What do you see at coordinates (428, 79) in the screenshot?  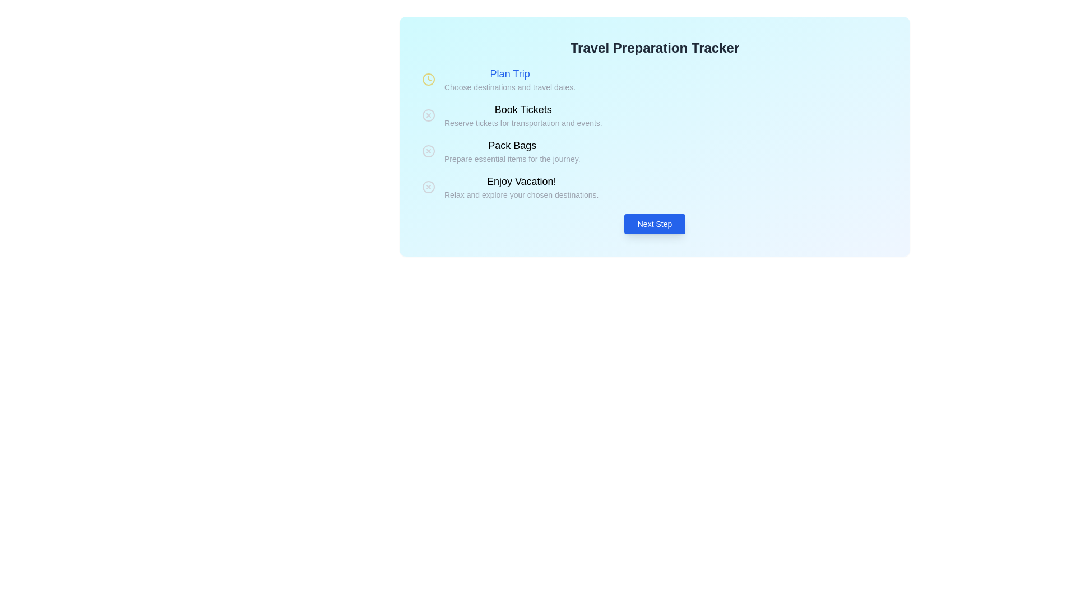 I see `the pulsating animation of the circular clock icon located to the left of the 'Plan Trip' text header in the 'Plan Trip' section` at bounding box center [428, 79].